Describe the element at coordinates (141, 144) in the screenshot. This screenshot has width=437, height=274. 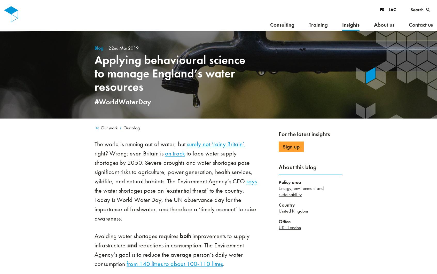
I see `'The world is running out of water, but'` at that location.